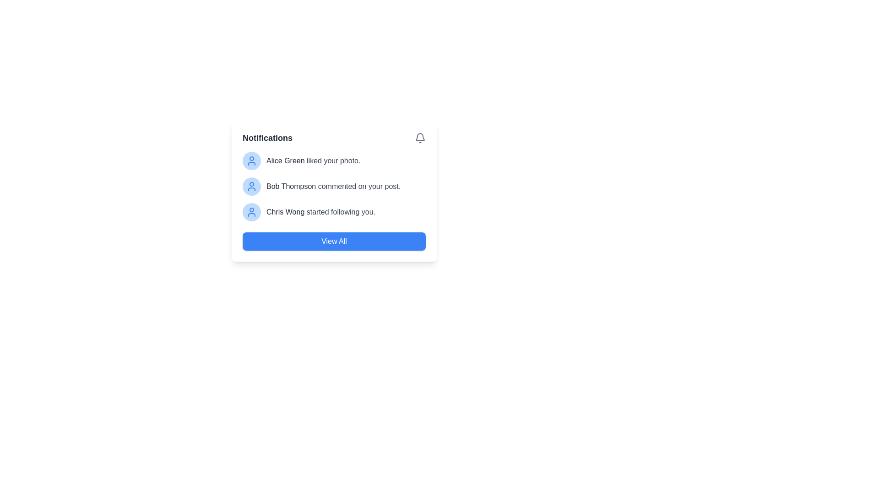 This screenshot has width=879, height=494. What do you see at coordinates (252, 186) in the screenshot?
I see `the circular icon representing the user profile for 'Bob Thompson' to redirect to the user's profile` at bounding box center [252, 186].